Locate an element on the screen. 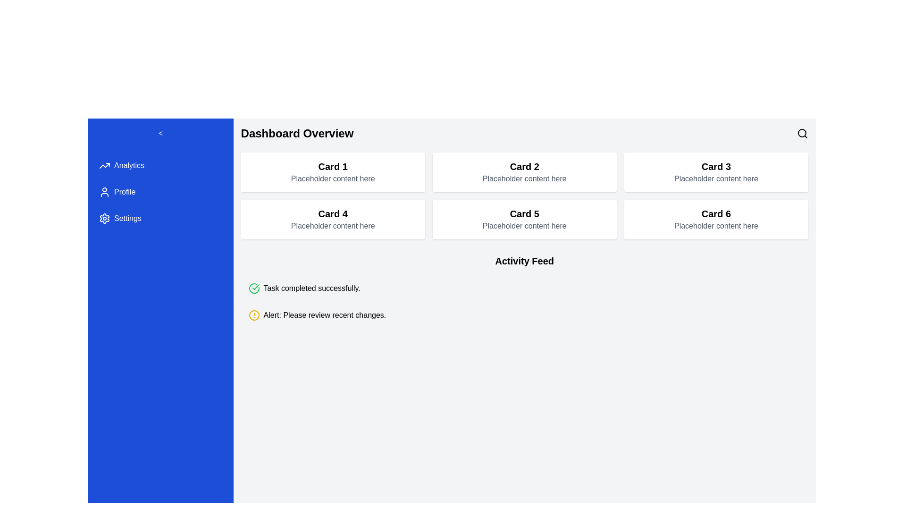 The image size is (906, 510). text content displayed in the textual placeholder located within 'Card 4', positioned below the title in the second row, first column of the grid layout is located at coordinates (333, 226).